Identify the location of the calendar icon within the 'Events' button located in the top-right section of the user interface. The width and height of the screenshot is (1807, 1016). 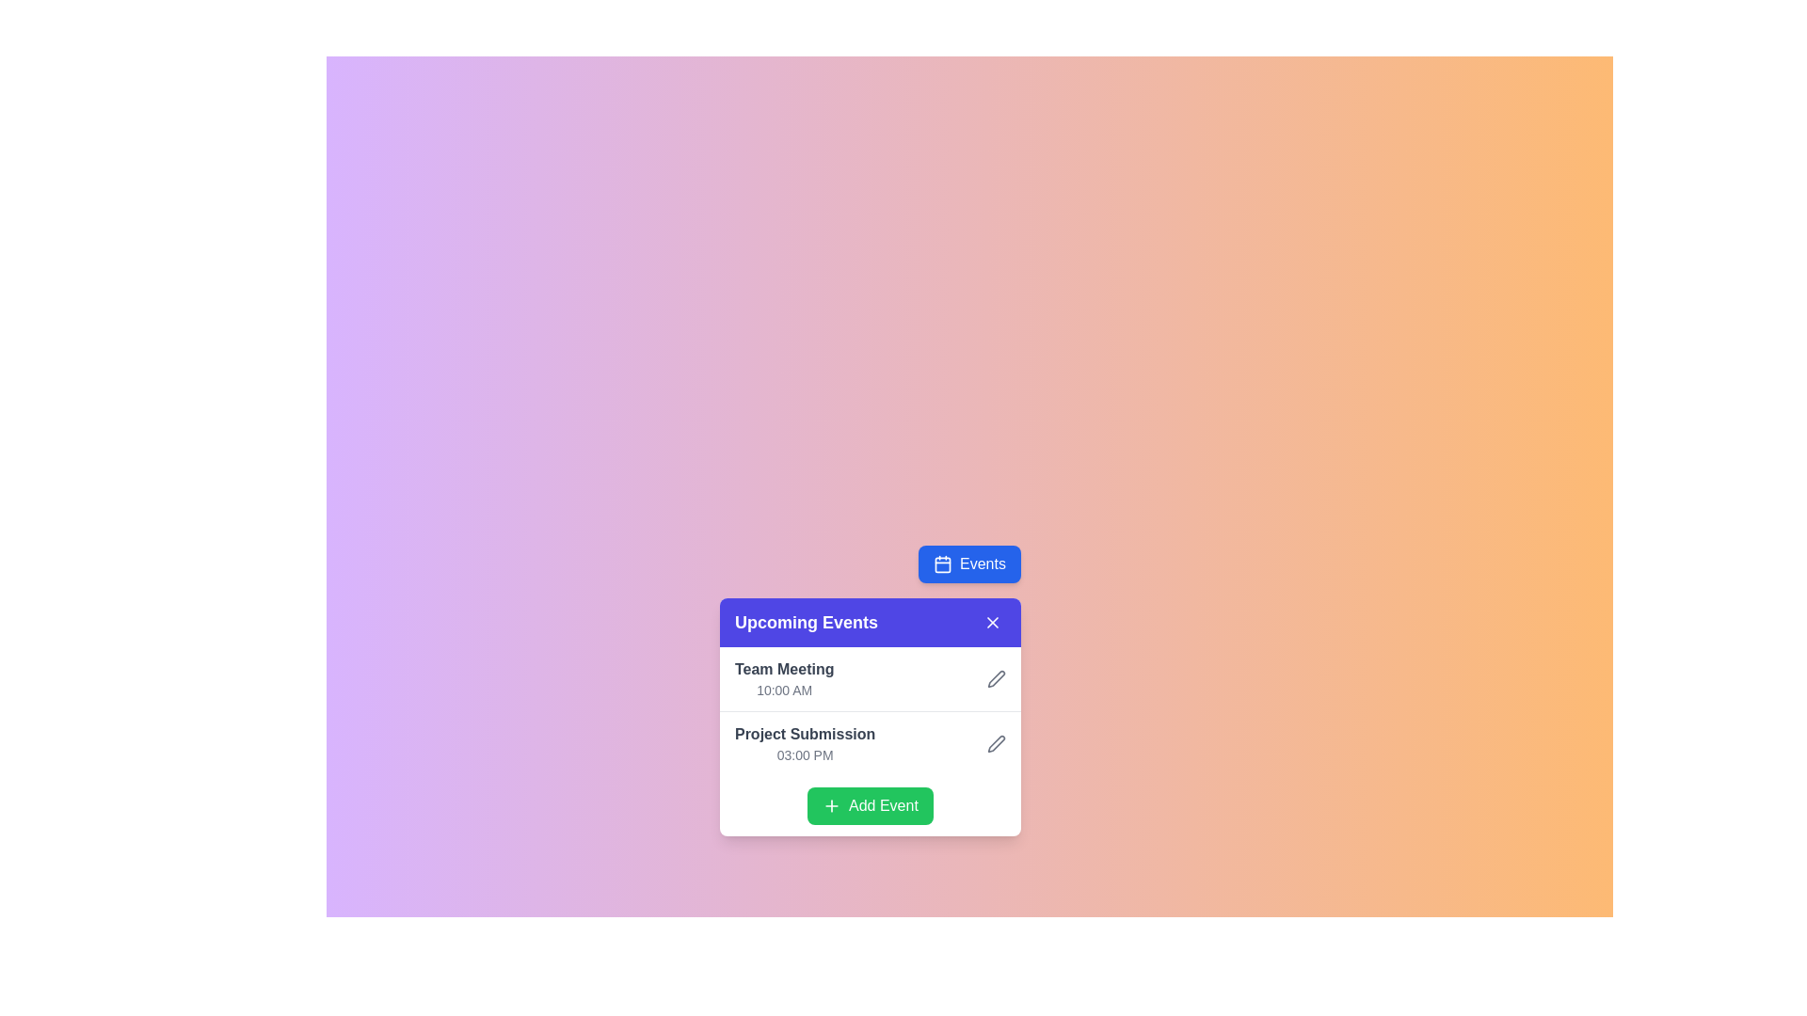
(943, 564).